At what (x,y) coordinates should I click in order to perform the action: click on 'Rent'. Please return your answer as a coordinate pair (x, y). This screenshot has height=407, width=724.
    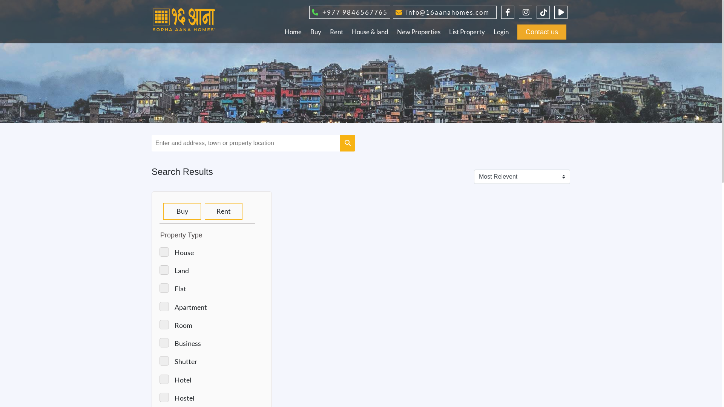
    Looking at the image, I should click on (336, 31).